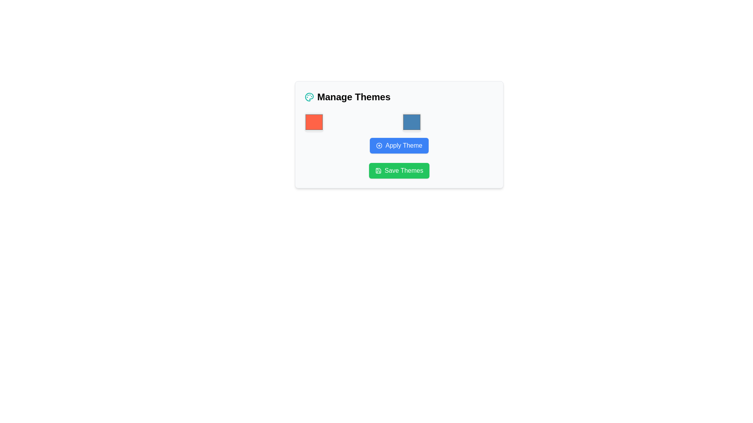  I want to click on the 'Apply Theme' button located, so click(399, 132).